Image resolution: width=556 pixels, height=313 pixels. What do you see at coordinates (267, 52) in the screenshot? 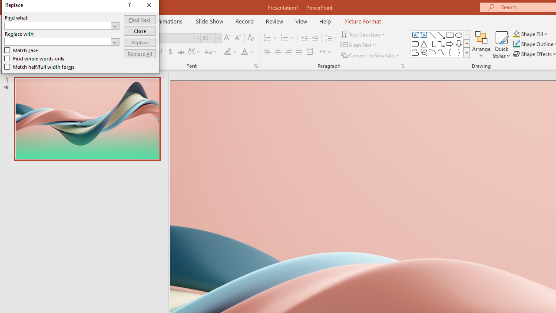
I see `'Align Left'` at bounding box center [267, 52].